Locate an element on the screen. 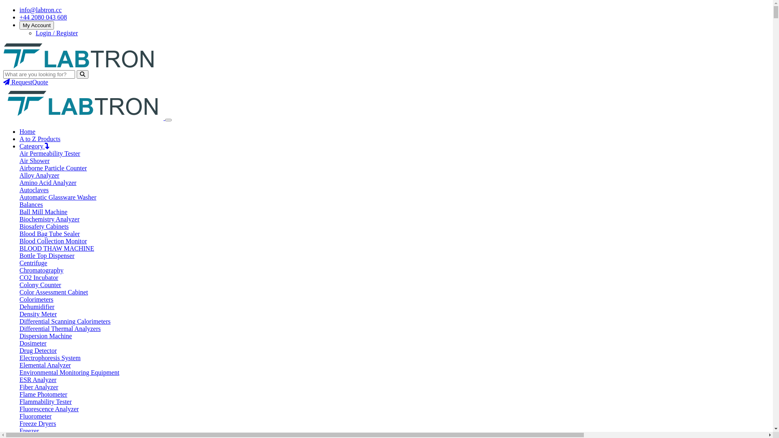 The image size is (779, 438). 'info@labtron.cc' is located at coordinates (40, 10).